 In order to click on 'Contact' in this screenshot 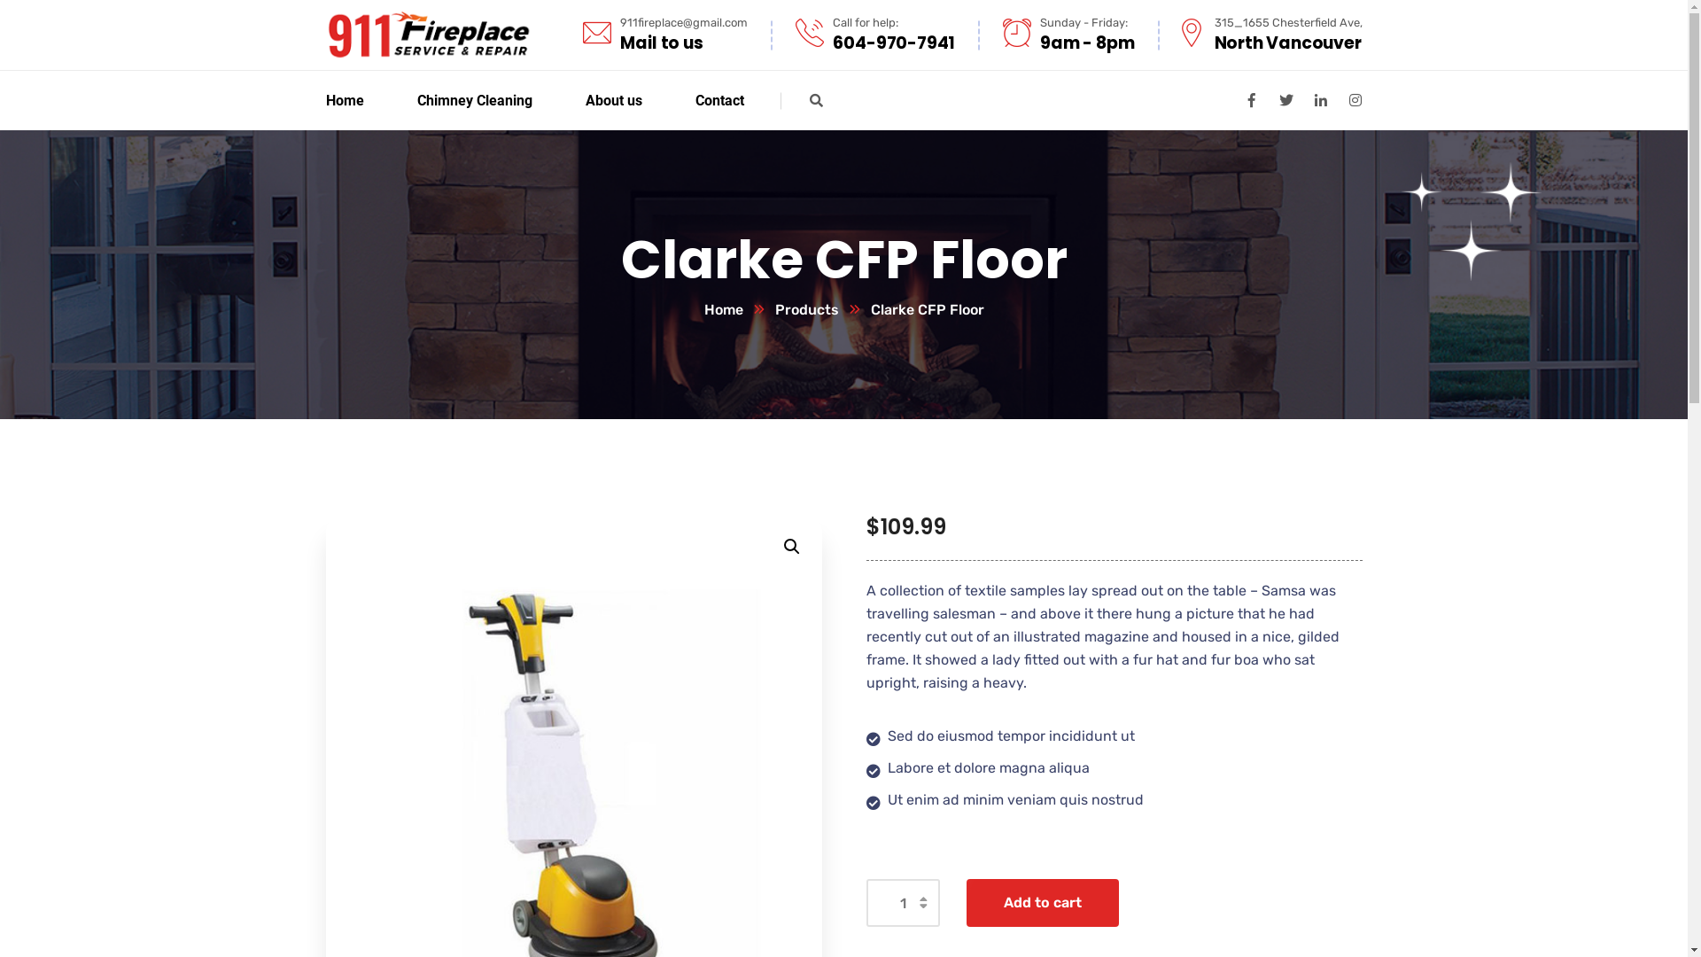, I will do `click(718, 100)`.